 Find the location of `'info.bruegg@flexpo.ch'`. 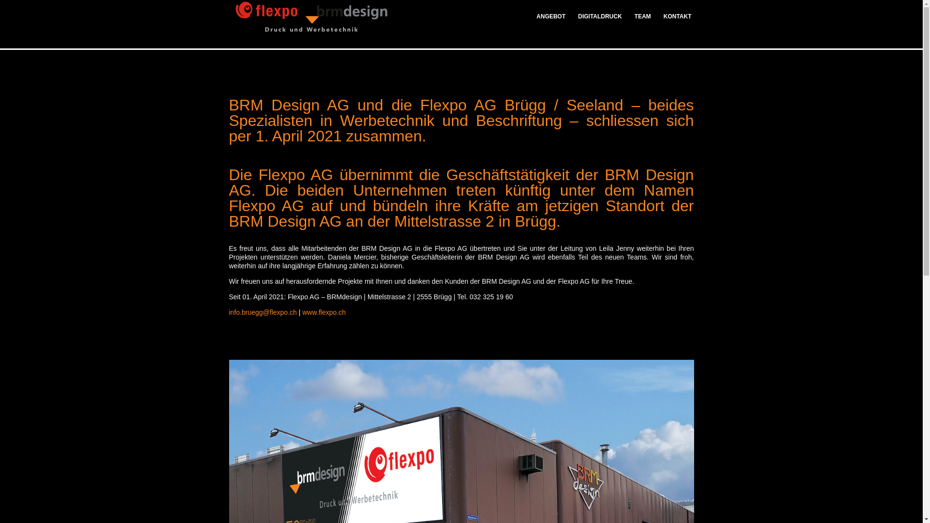

'info.bruegg@flexpo.ch' is located at coordinates (263, 312).